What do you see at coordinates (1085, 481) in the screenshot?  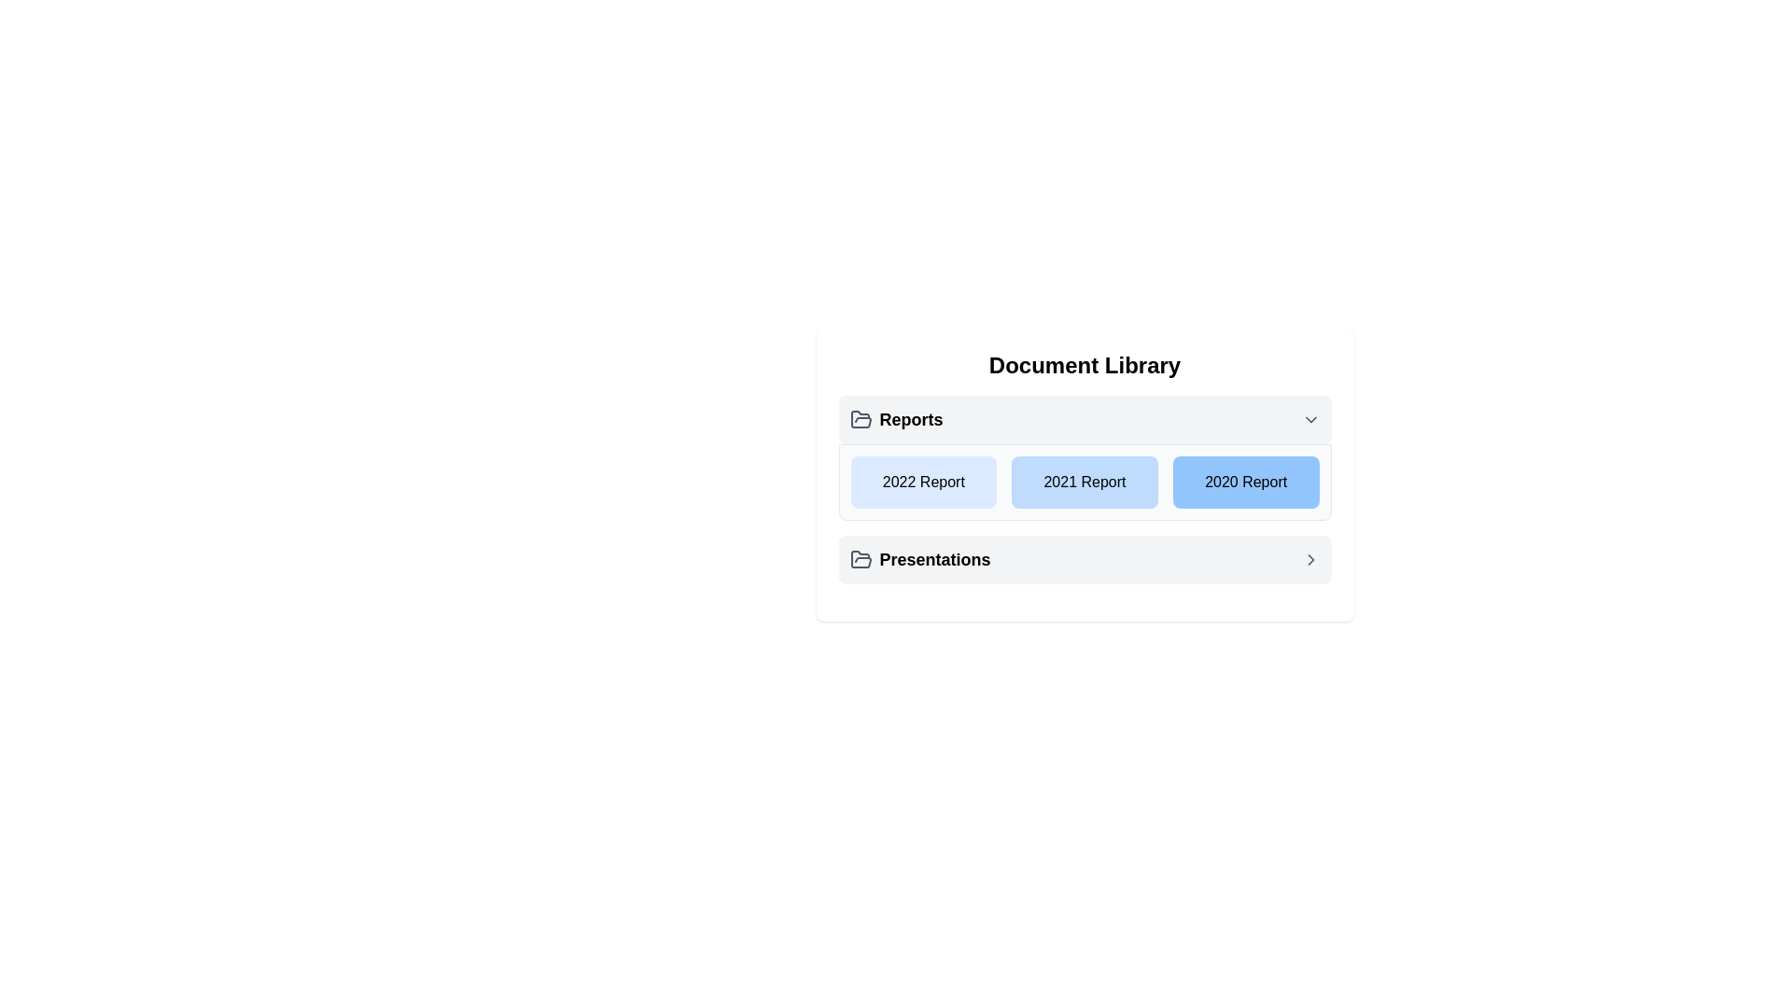 I see `the '2021 Report' button with a light blue background and bold black text for keyboard navigation` at bounding box center [1085, 481].